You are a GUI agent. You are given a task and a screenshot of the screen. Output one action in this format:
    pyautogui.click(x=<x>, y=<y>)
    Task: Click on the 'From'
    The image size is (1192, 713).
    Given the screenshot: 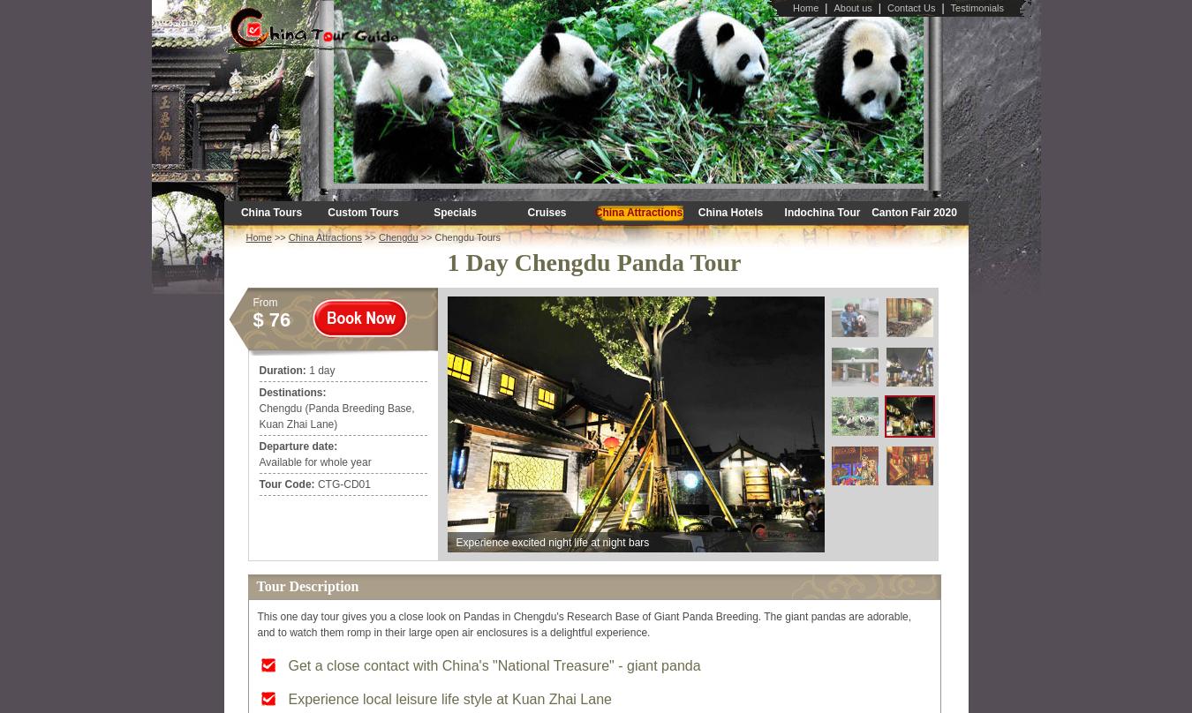 What is the action you would take?
    pyautogui.click(x=263, y=301)
    